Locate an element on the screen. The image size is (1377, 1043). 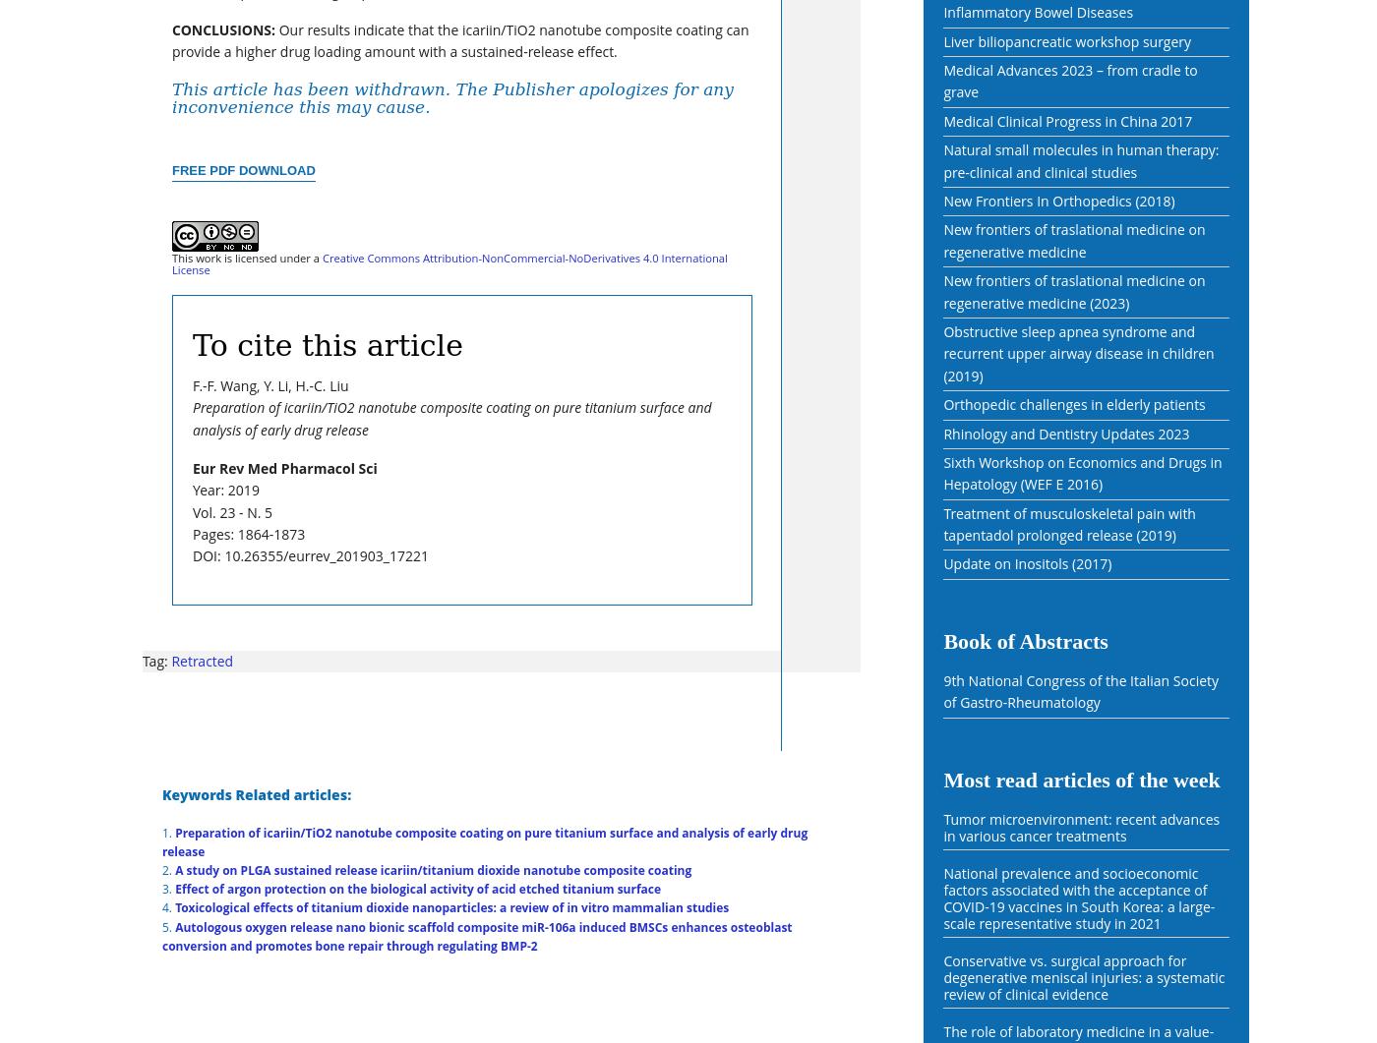
'To cite this article' is located at coordinates (328, 343).